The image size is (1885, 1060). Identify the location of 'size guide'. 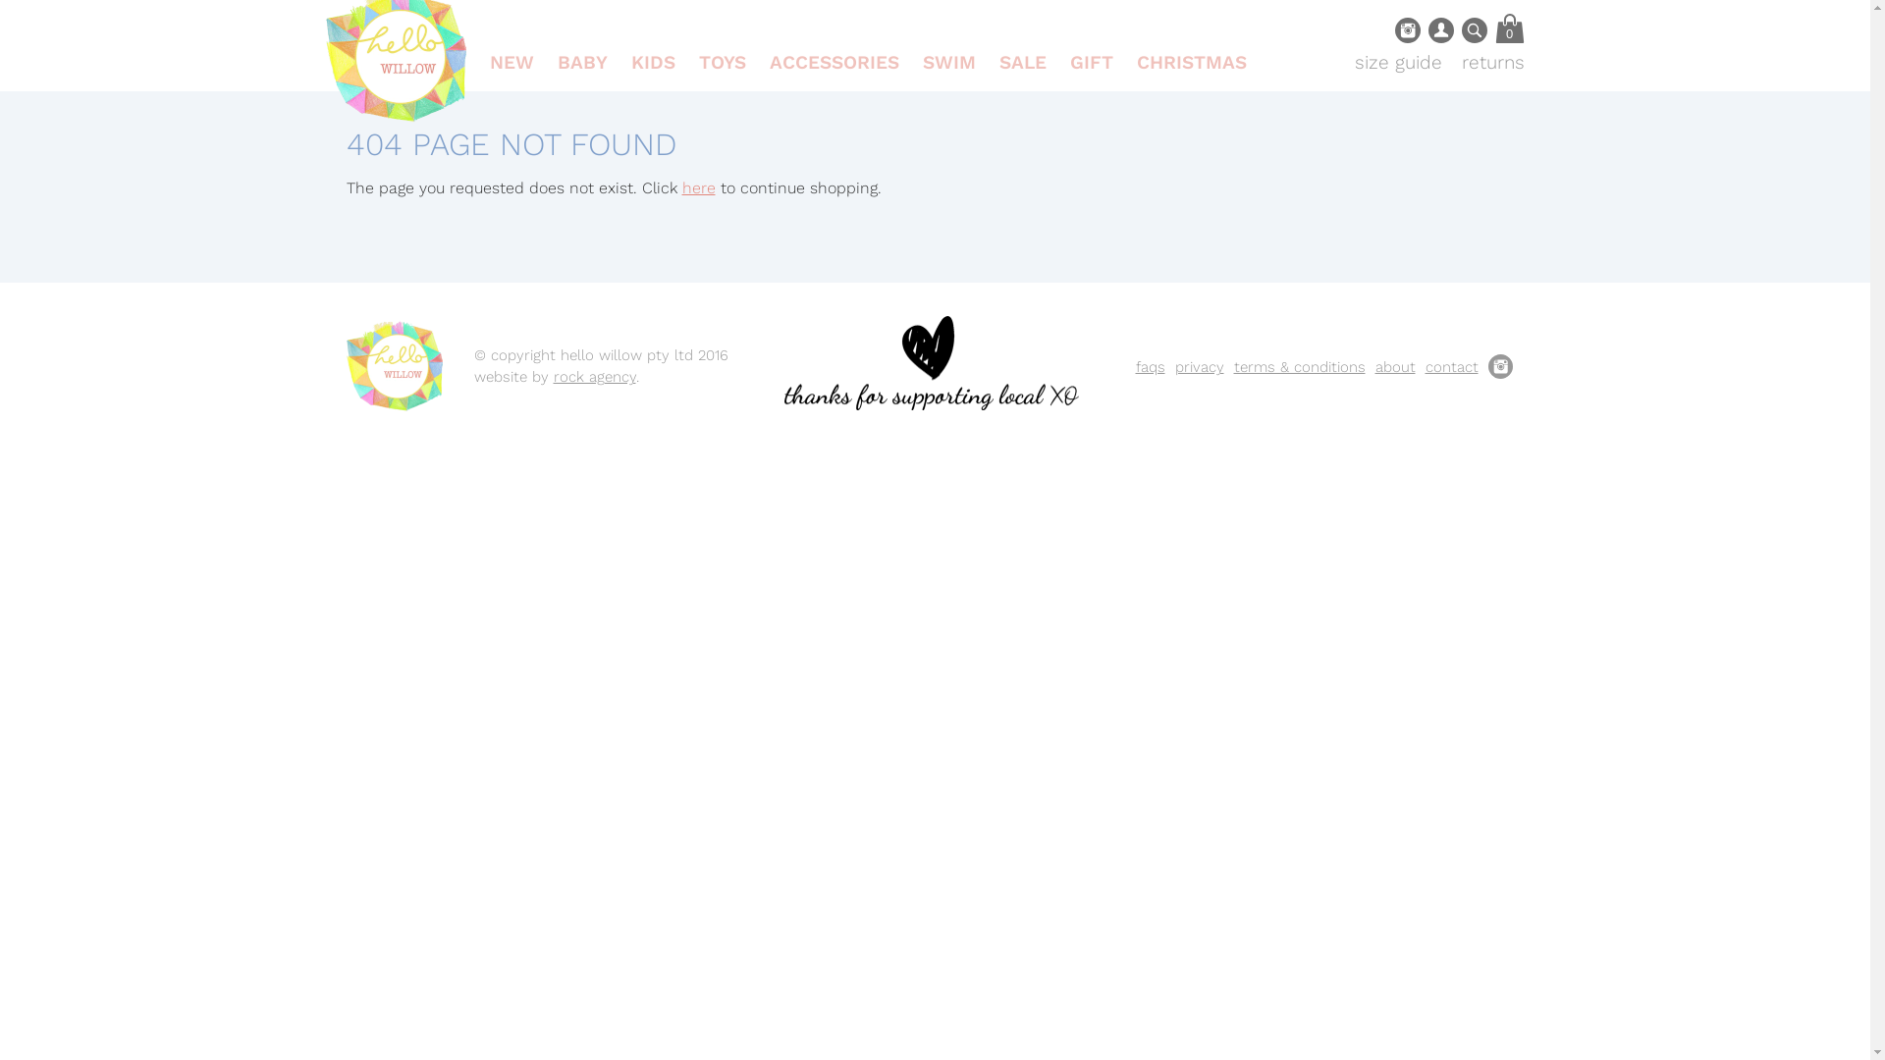
(1397, 61).